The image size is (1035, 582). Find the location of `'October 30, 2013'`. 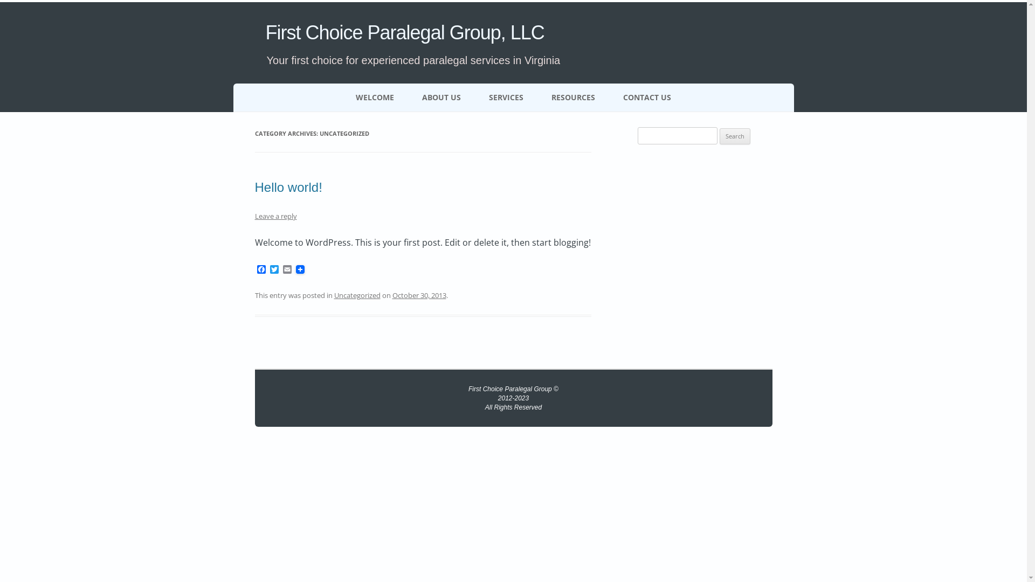

'October 30, 2013' is located at coordinates (418, 295).